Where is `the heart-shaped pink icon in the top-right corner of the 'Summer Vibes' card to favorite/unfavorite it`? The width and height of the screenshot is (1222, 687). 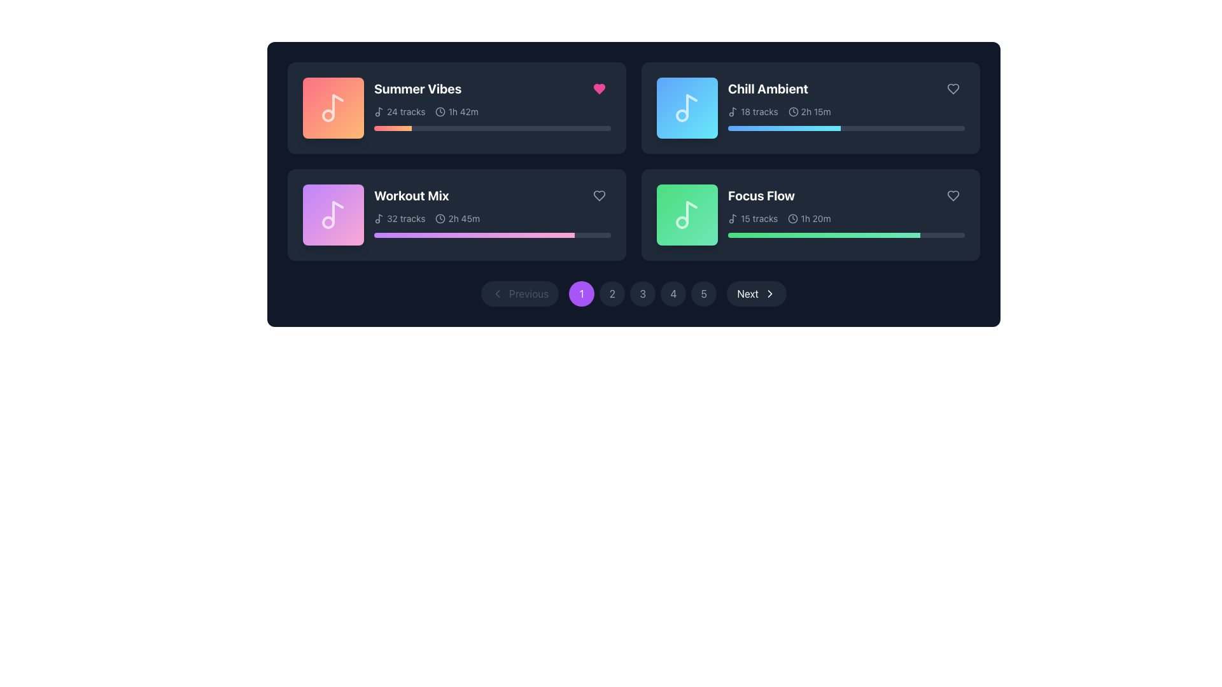 the heart-shaped pink icon in the top-right corner of the 'Summer Vibes' card to favorite/unfavorite it is located at coordinates (598, 88).